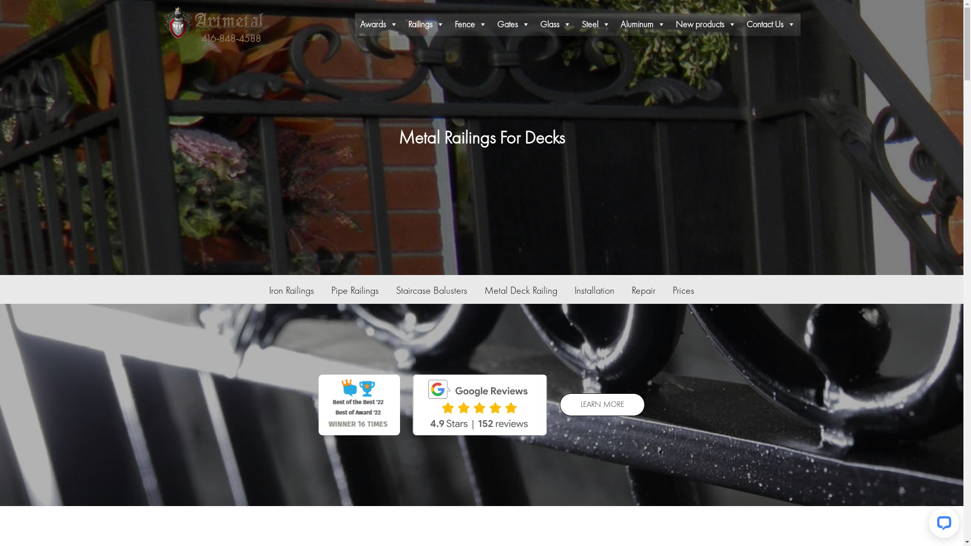  Describe the element at coordinates (770, 23) in the screenshot. I see `'Contact Us'` at that location.